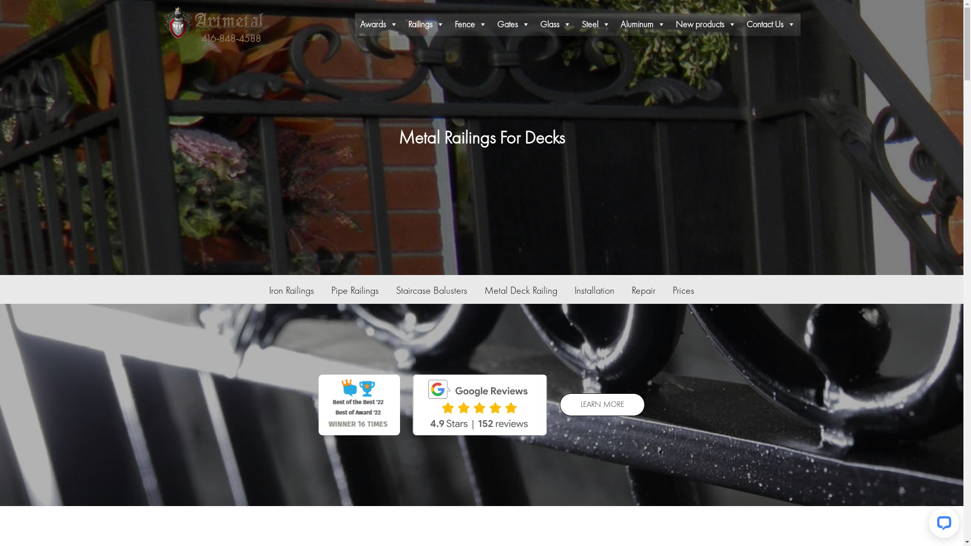  Describe the element at coordinates (770, 23) in the screenshot. I see `'Contact Us'` at that location.